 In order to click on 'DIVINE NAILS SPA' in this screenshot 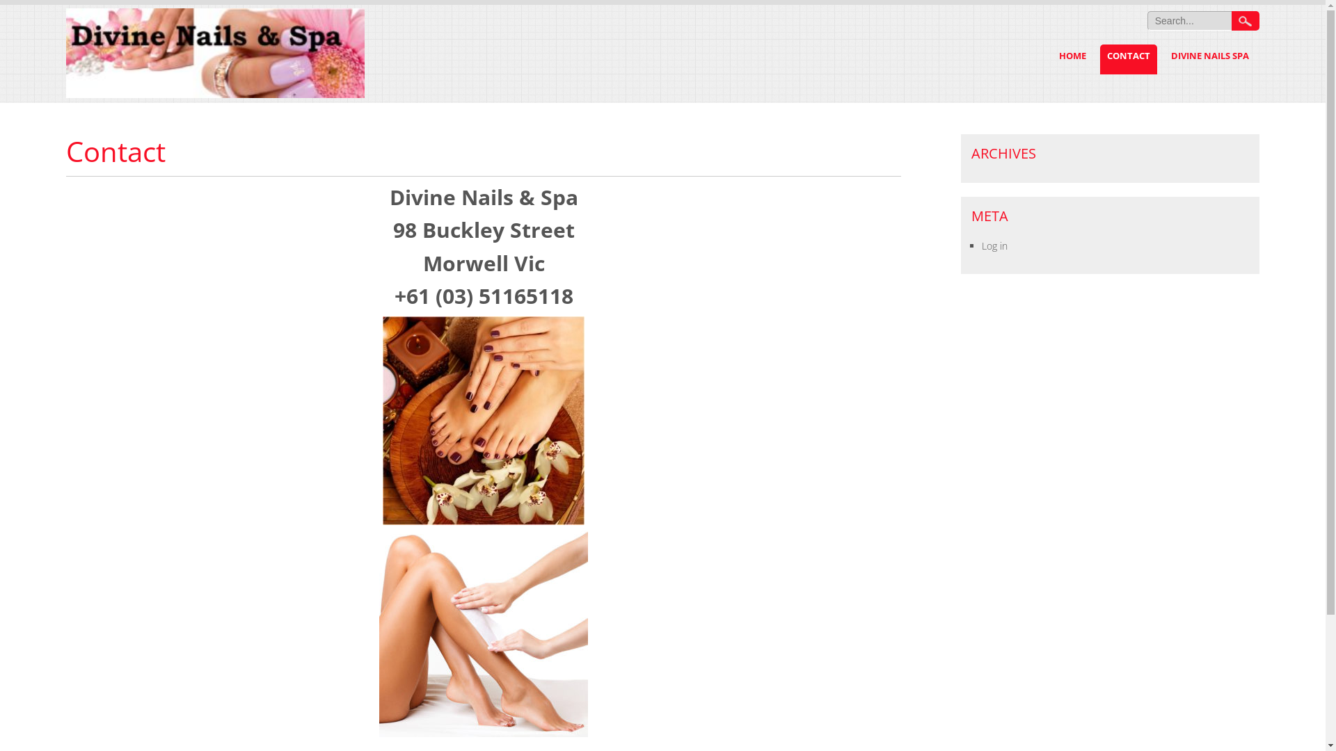, I will do `click(1209, 58)`.